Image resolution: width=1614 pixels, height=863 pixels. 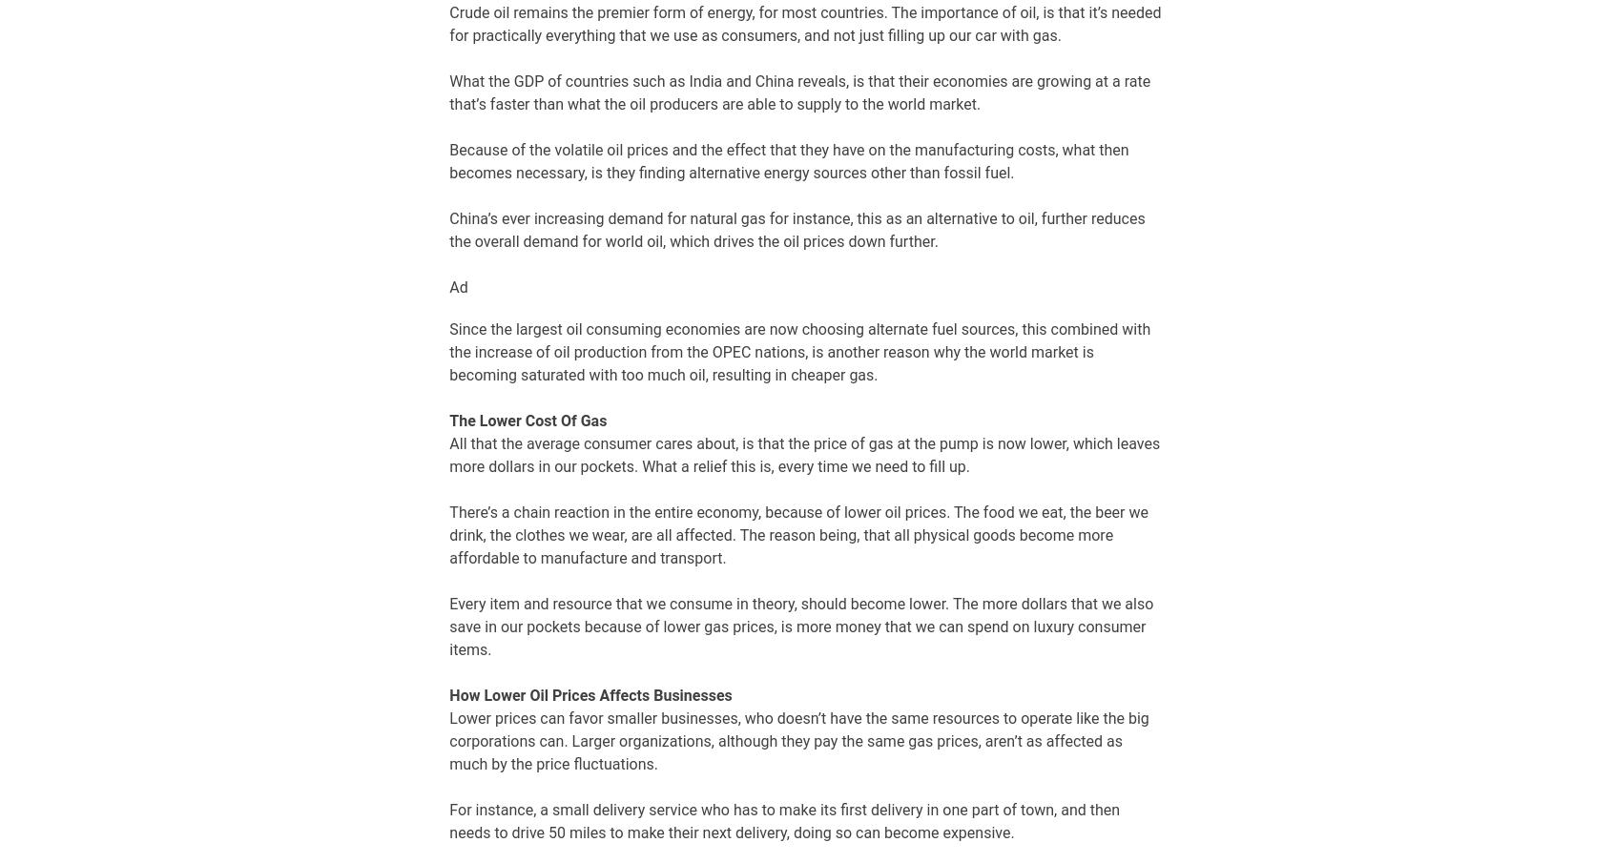 What do you see at coordinates (448, 693) in the screenshot?
I see `'How Lower Oil Prices Affects Businesses'` at bounding box center [448, 693].